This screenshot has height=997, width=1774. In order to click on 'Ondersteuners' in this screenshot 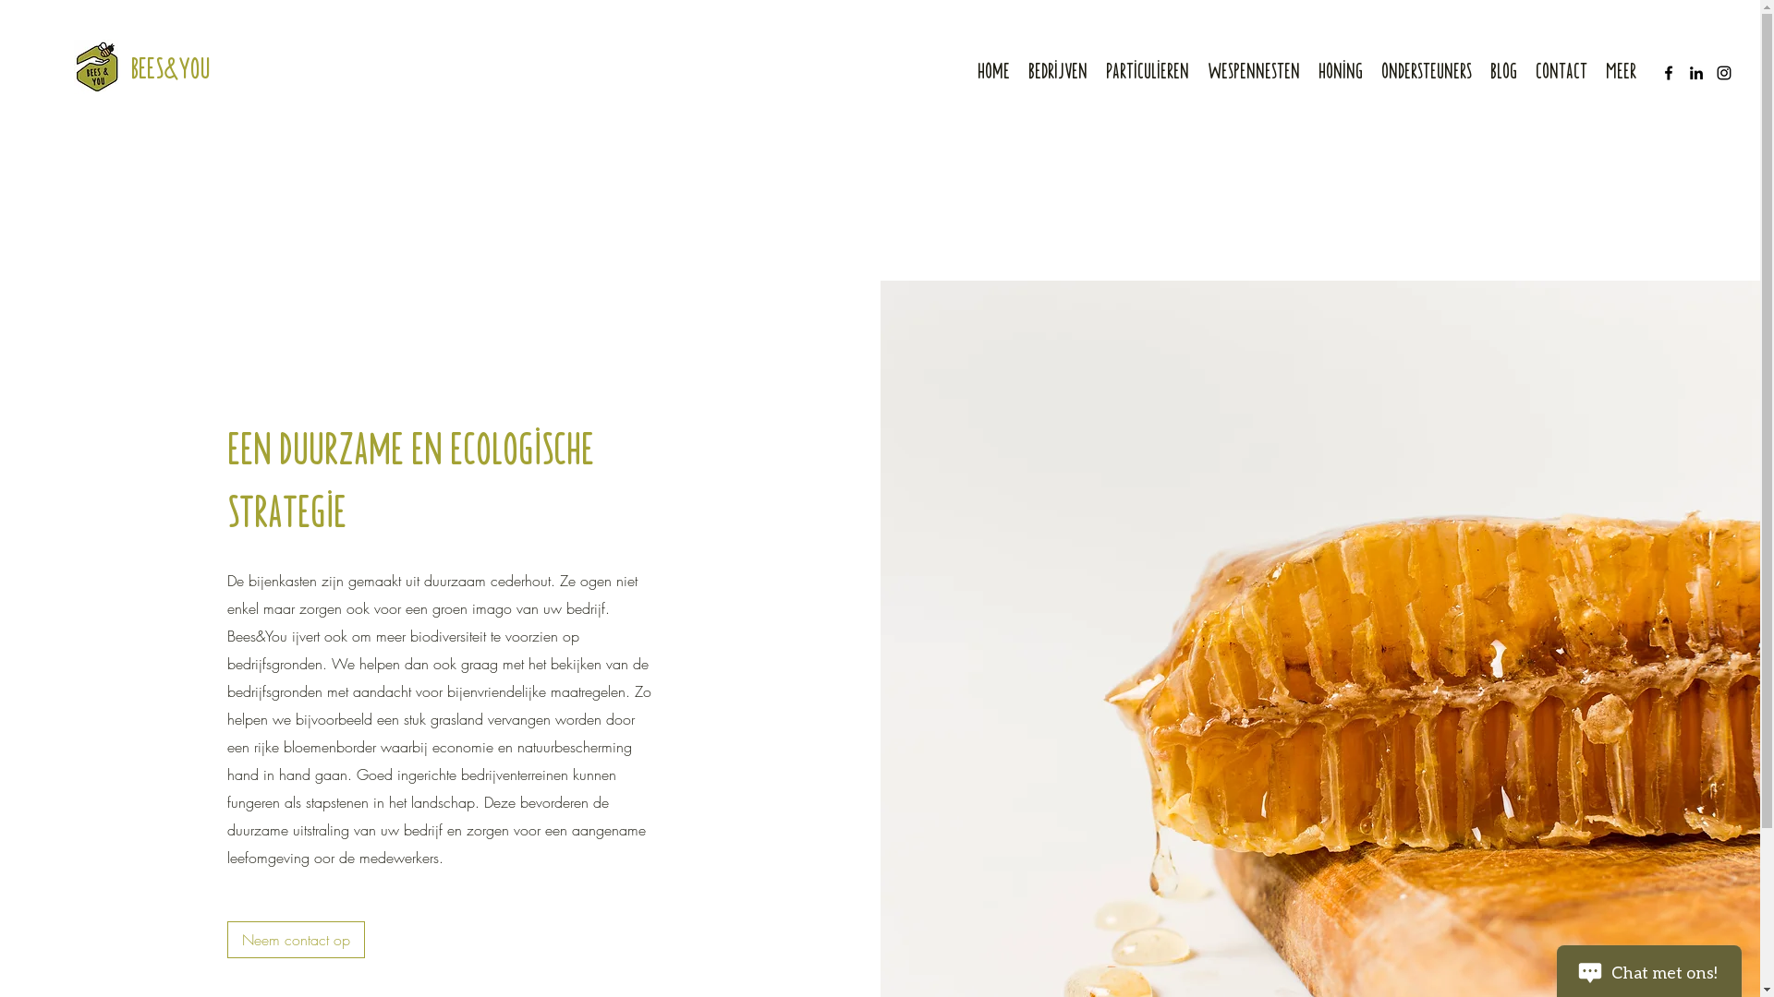, I will do `click(1426, 68)`.